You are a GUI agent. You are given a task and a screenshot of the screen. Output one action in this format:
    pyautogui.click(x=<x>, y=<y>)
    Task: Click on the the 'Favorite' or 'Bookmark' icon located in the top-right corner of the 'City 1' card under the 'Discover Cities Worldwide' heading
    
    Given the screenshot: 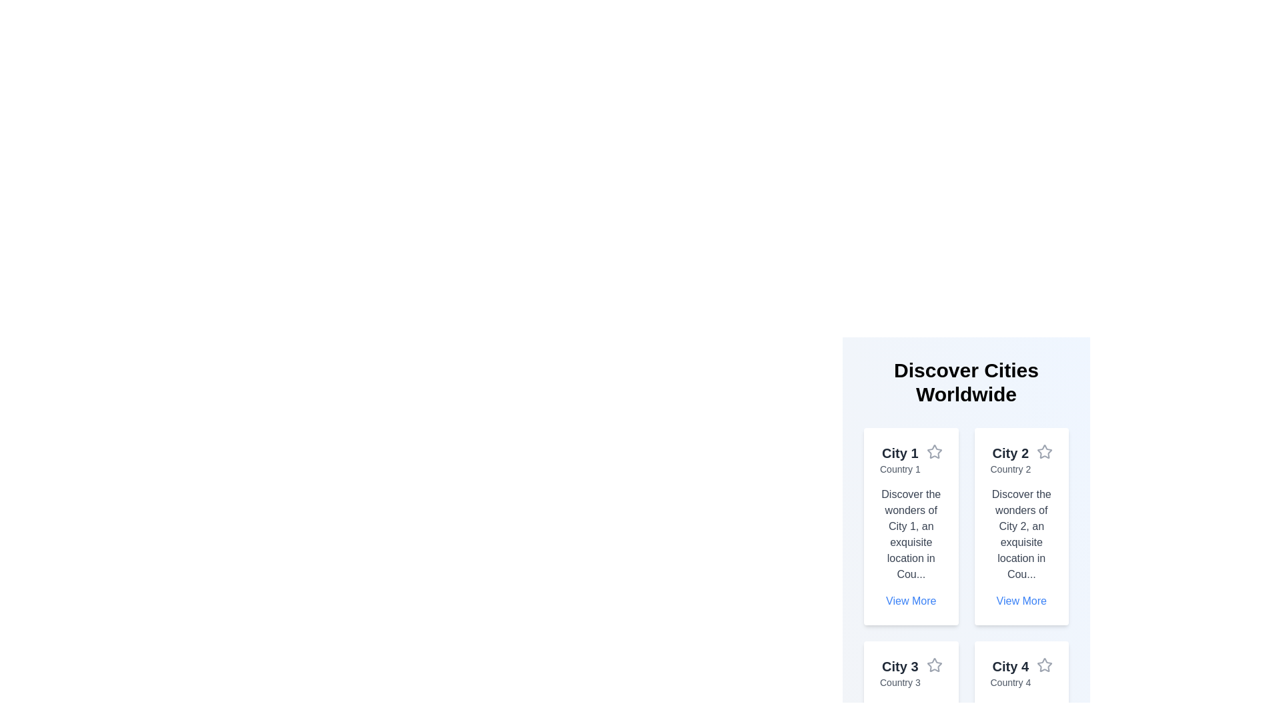 What is the action you would take?
    pyautogui.click(x=933, y=451)
    